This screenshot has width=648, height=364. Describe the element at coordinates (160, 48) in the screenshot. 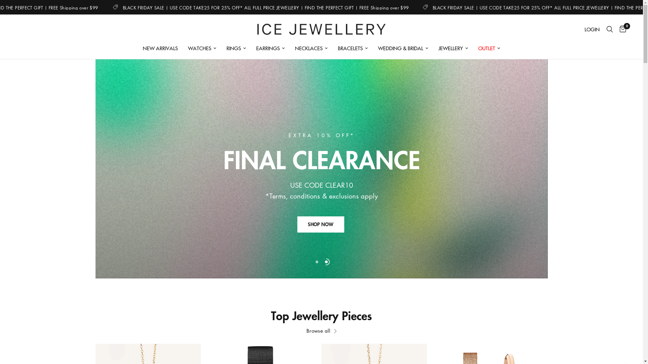

I see `'NEW ARRIVALS'` at that location.